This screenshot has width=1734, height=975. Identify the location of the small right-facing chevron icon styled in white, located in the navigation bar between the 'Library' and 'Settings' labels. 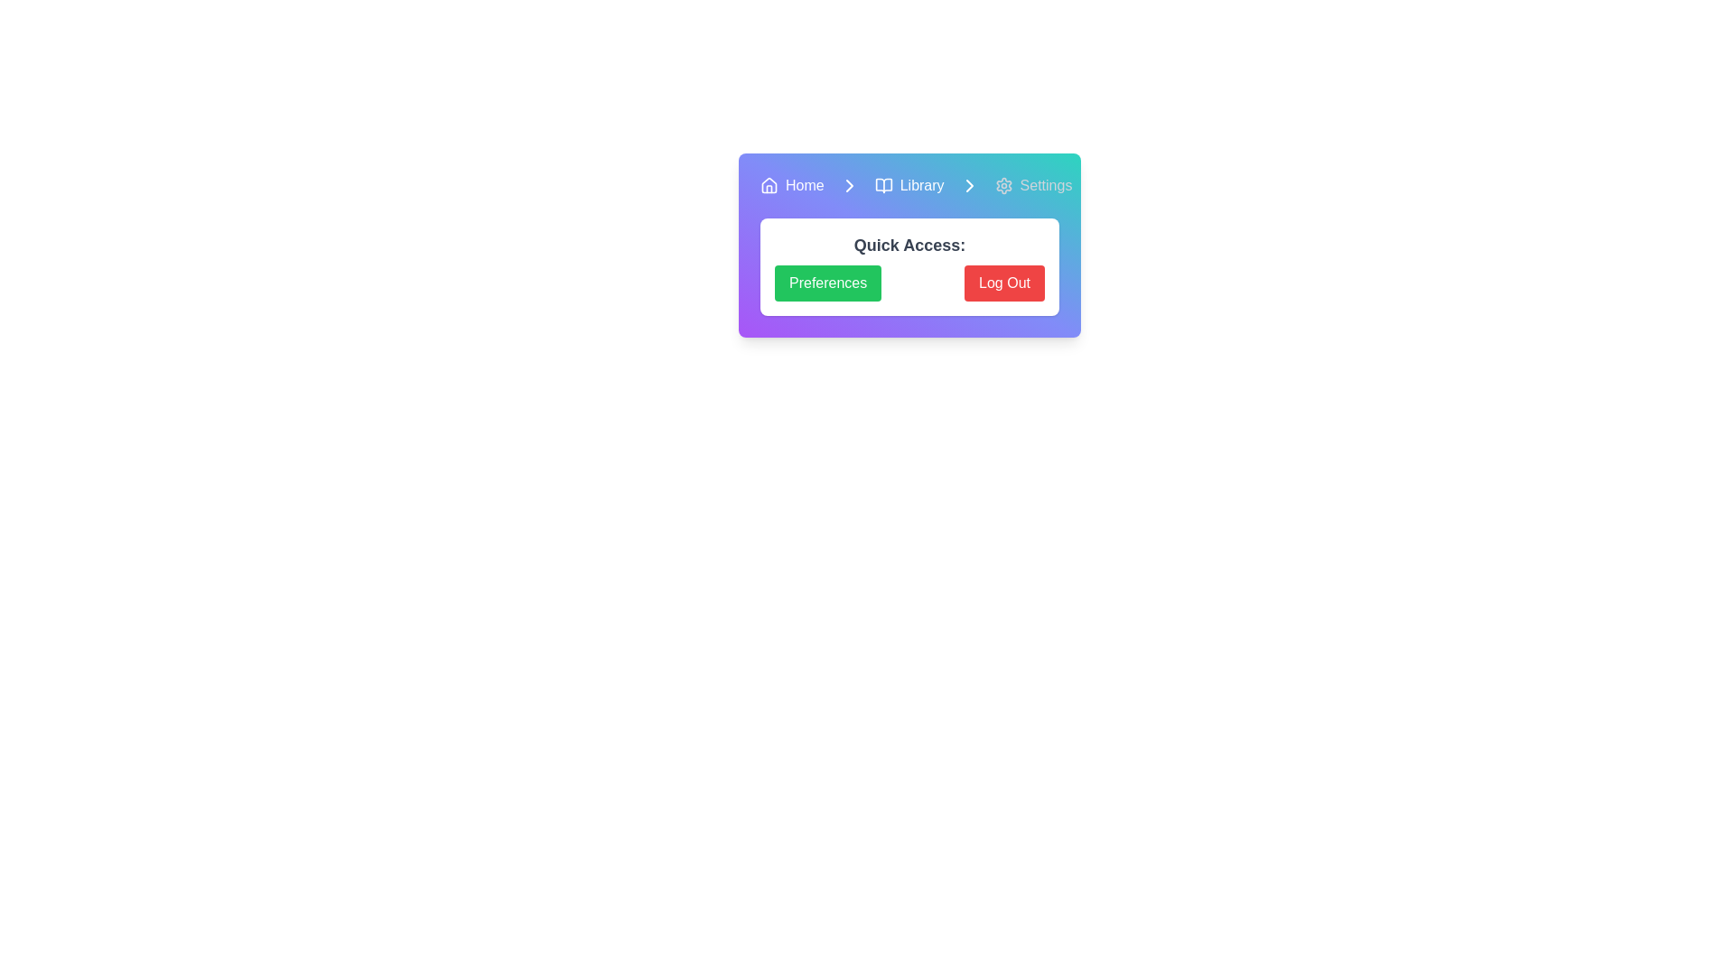
(968, 185).